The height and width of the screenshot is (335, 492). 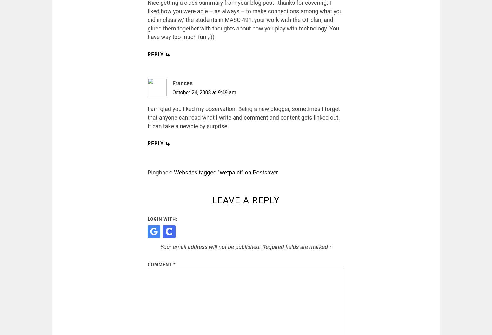 What do you see at coordinates (172, 92) in the screenshot?
I see `'October 24, 2008 at 9:49 am'` at bounding box center [172, 92].